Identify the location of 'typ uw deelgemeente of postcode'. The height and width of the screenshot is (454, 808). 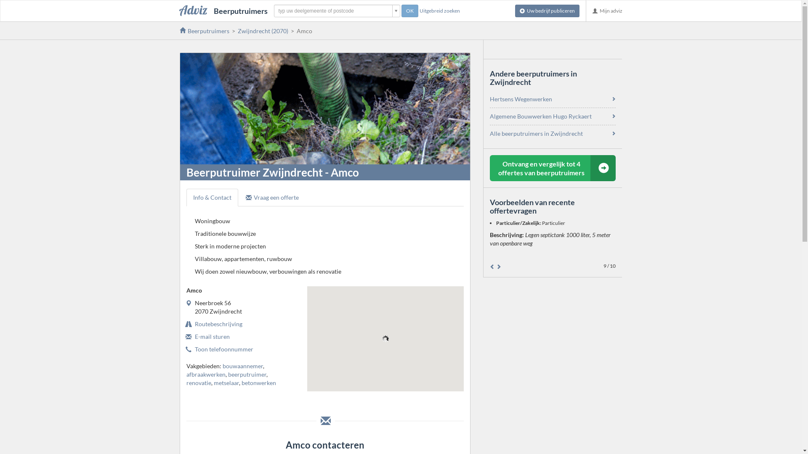
(337, 11).